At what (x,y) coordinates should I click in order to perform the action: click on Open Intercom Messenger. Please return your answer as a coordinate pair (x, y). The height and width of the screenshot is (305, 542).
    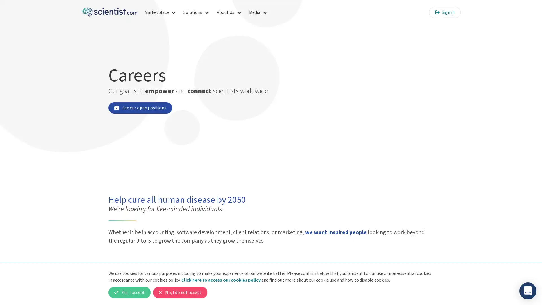
    Looking at the image, I should click on (528, 291).